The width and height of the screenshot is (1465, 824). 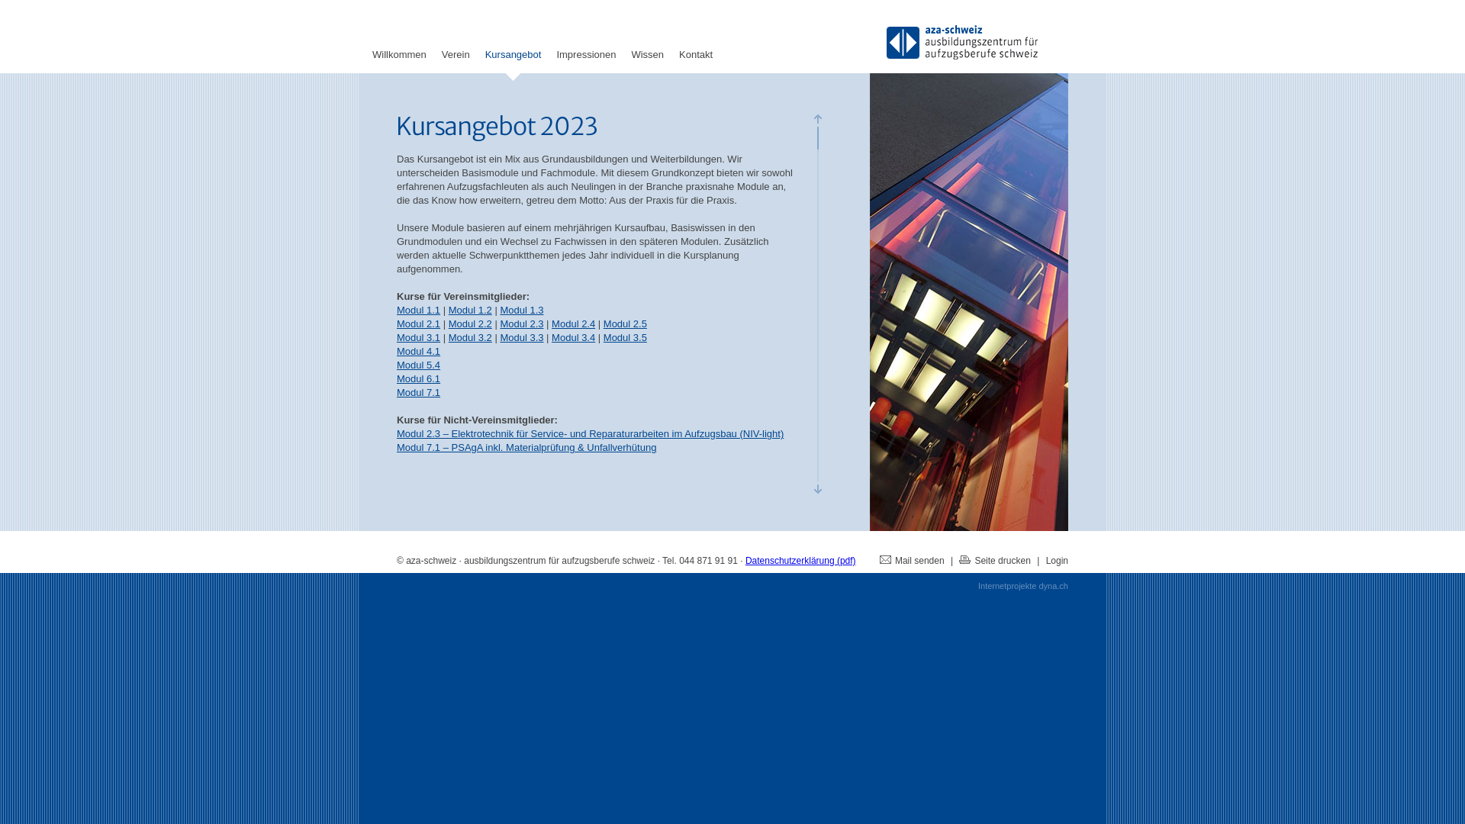 What do you see at coordinates (418, 365) in the screenshot?
I see `'Modul 5.4'` at bounding box center [418, 365].